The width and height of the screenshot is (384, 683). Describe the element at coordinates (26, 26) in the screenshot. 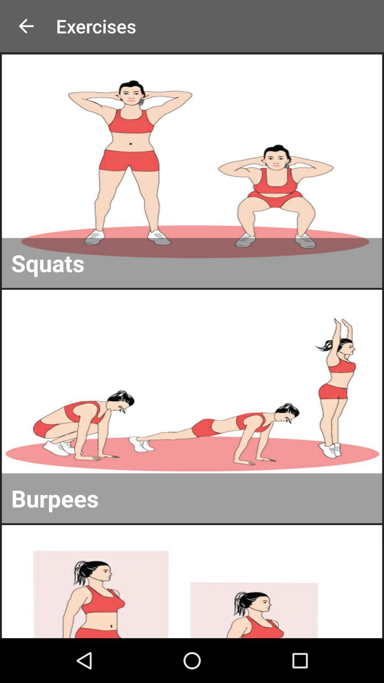

I see `the icon next to exercises` at that location.